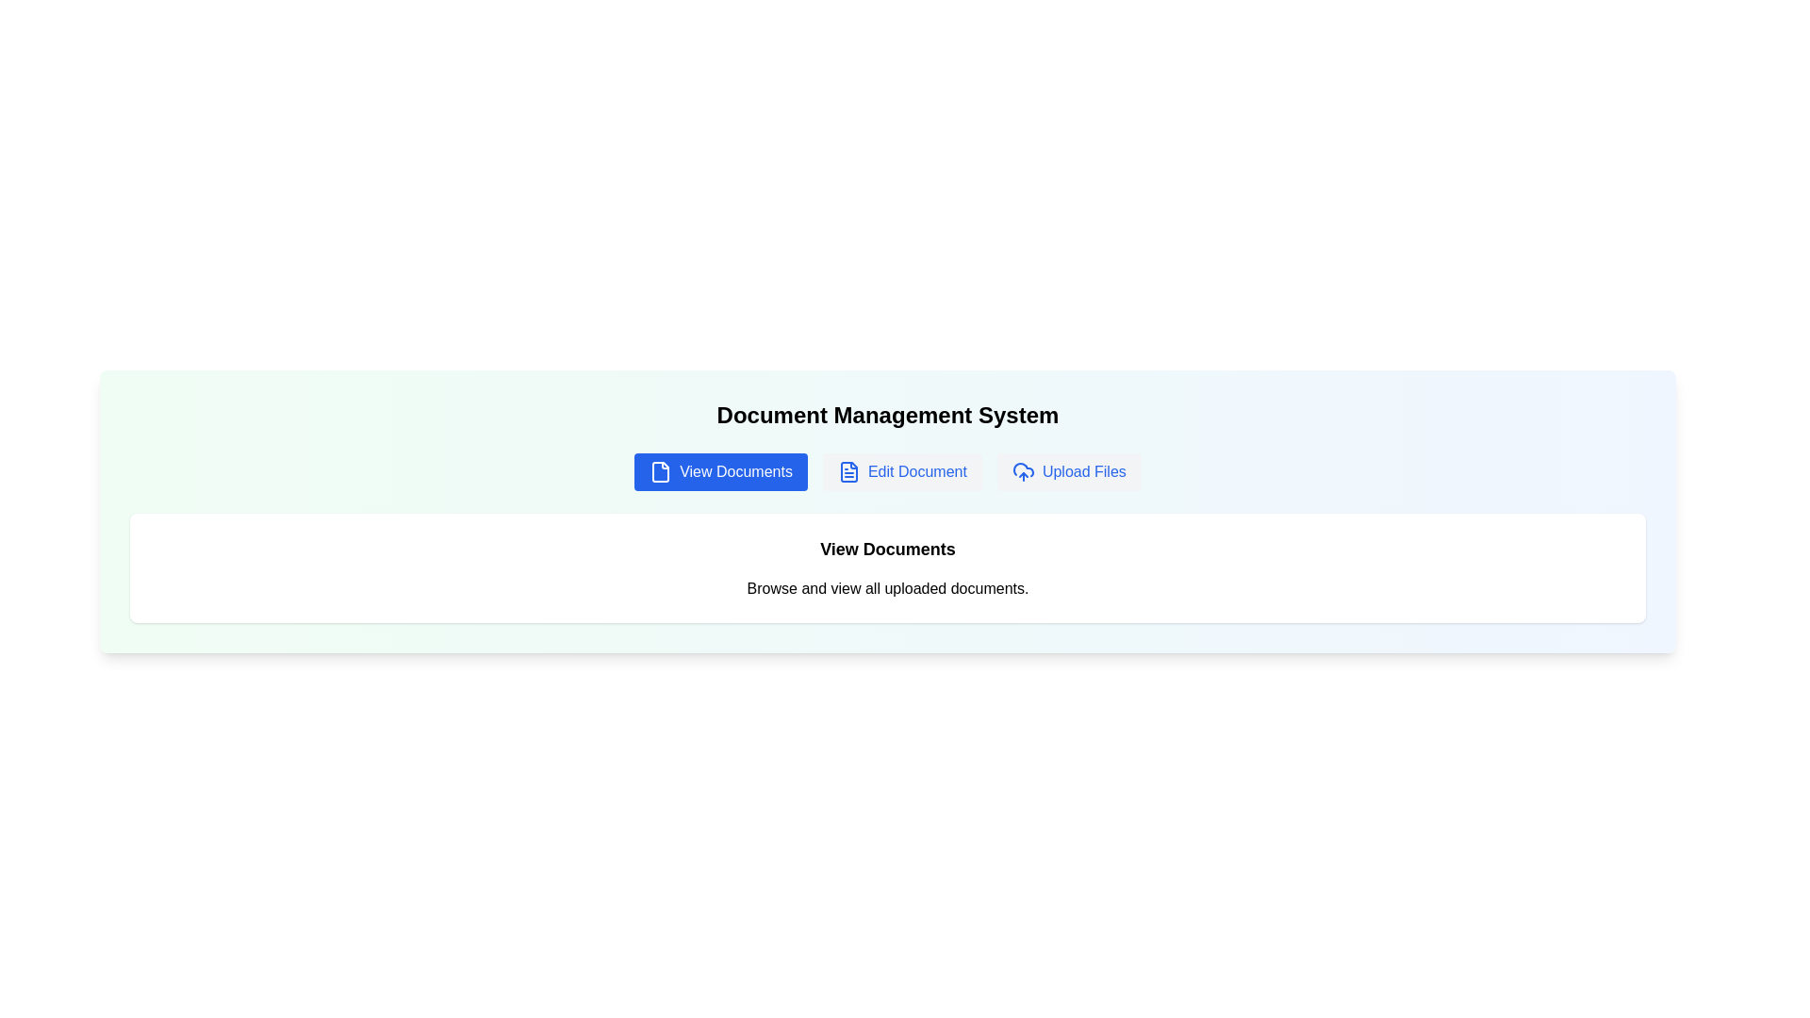 The height and width of the screenshot is (1018, 1810). What do you see at coordinates (900, 471) in the screenshot?
I see `the tab labeled Edit Document` at bounding box center [900, 471].